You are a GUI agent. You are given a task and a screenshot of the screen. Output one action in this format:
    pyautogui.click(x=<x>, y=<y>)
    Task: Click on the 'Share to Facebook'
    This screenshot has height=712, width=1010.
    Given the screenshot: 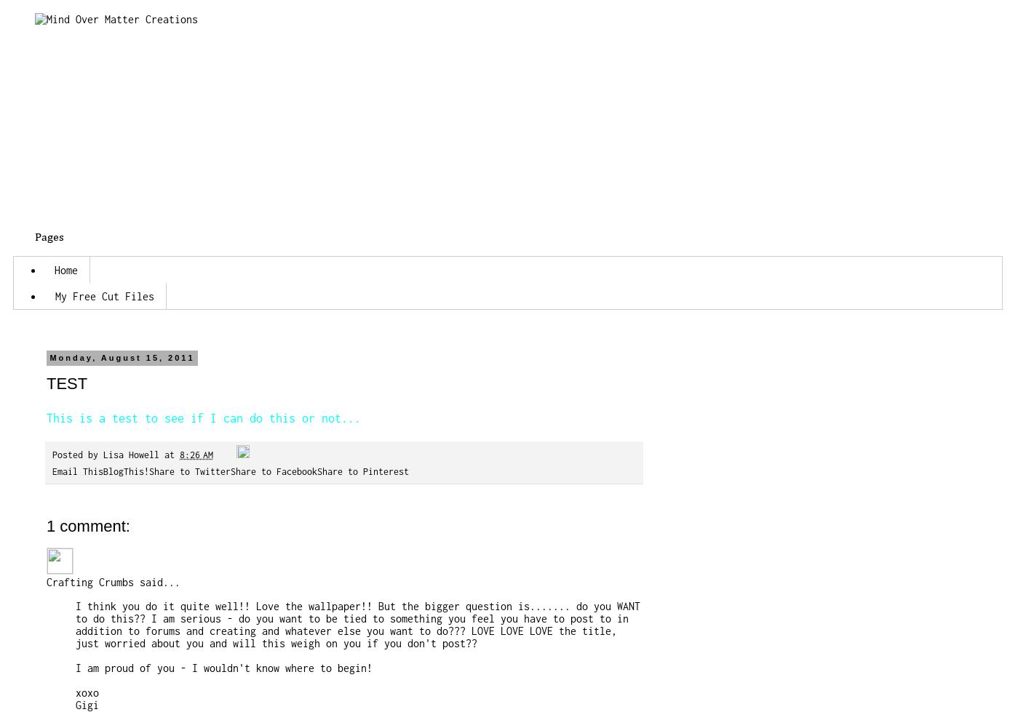 What is the action you would take?
    pyautogui.click(x=274, y=471)
    